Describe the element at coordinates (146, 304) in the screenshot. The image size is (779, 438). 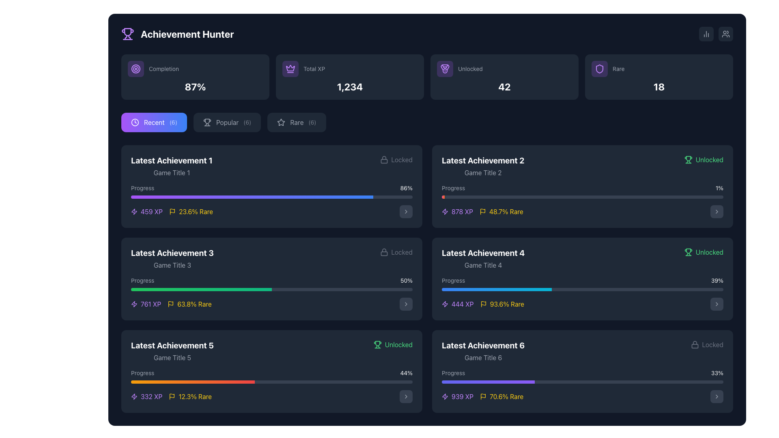
I see `displayed experience points (XP) for 'Latest Achievement 3' located in the middle column, below the progress bar and above the rarity text` at that location.